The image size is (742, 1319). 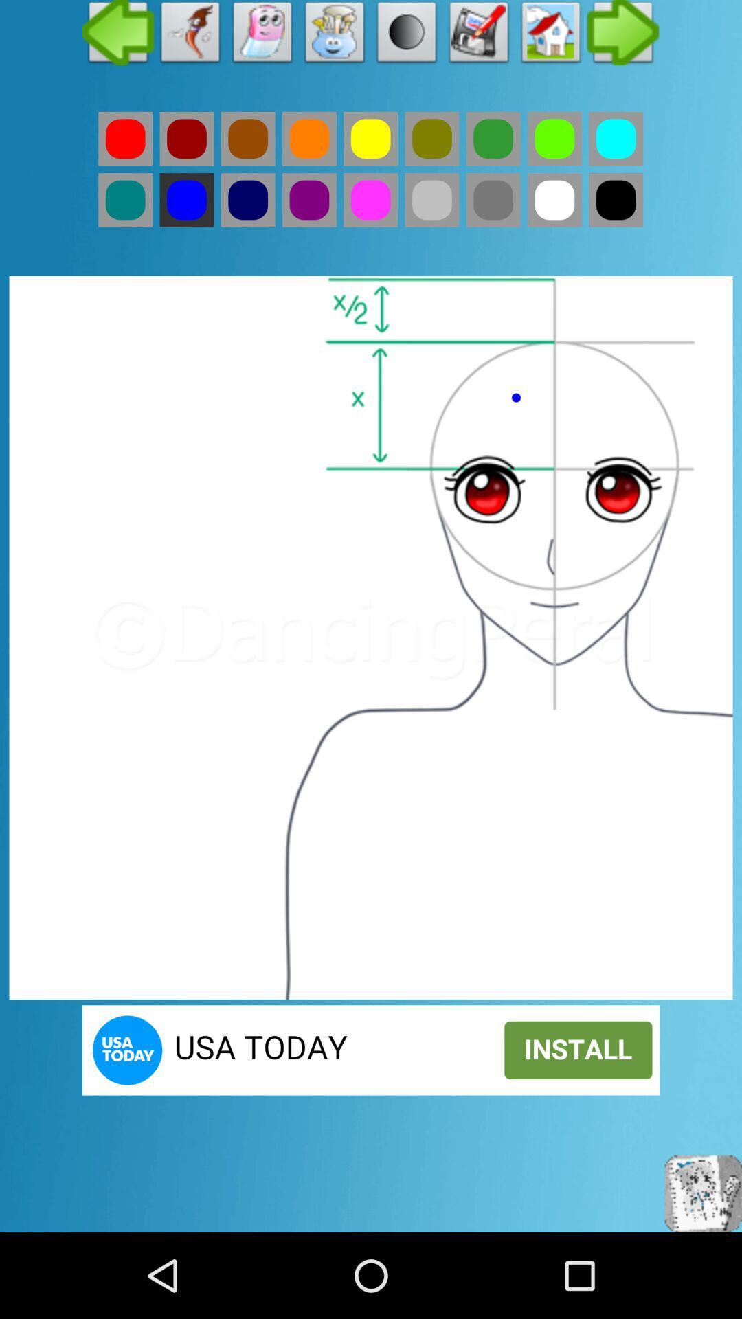 What do you see at coordinates (623, 36) in the screenshot?
I see `see more options` at bounding box center [623, 36].